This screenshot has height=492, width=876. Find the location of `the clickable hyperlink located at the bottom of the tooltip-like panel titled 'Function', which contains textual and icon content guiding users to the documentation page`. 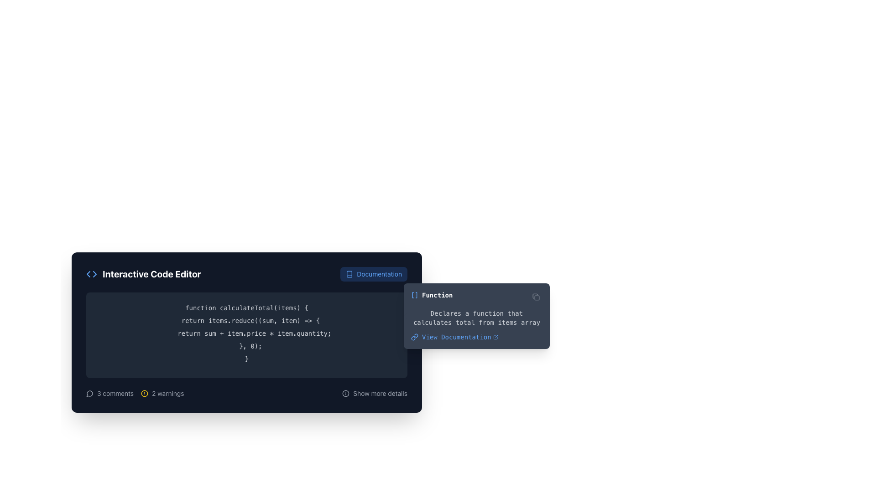

the clickable hyperlink located at the bottom of the tooltip-like panel titled 'Function', which contains textual and icon content guiding users to the documentation page is located at coordinates (476, 337).